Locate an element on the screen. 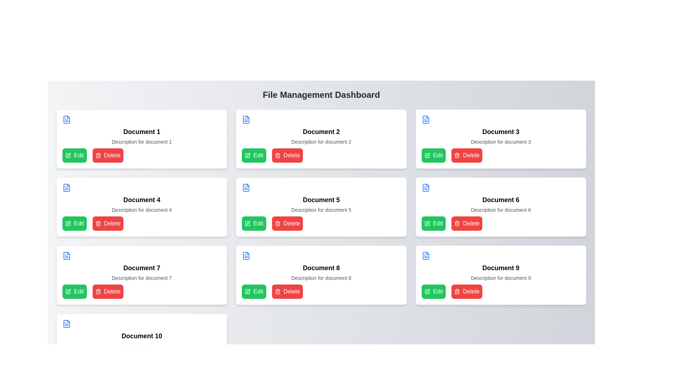 This screenshot has height=387, width=689. the text label that serves as the title for 'Document 8', located in the lower center card of the grid in the middle row and the right column is located at coordinates (321, 268).